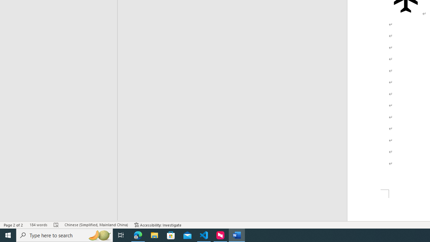 The height and width of the screenshot is (242, 430). What do you see at coordinates (154, 235) in the screenshot?
I see `'File Explorer'` at bounding box center [154, 235].